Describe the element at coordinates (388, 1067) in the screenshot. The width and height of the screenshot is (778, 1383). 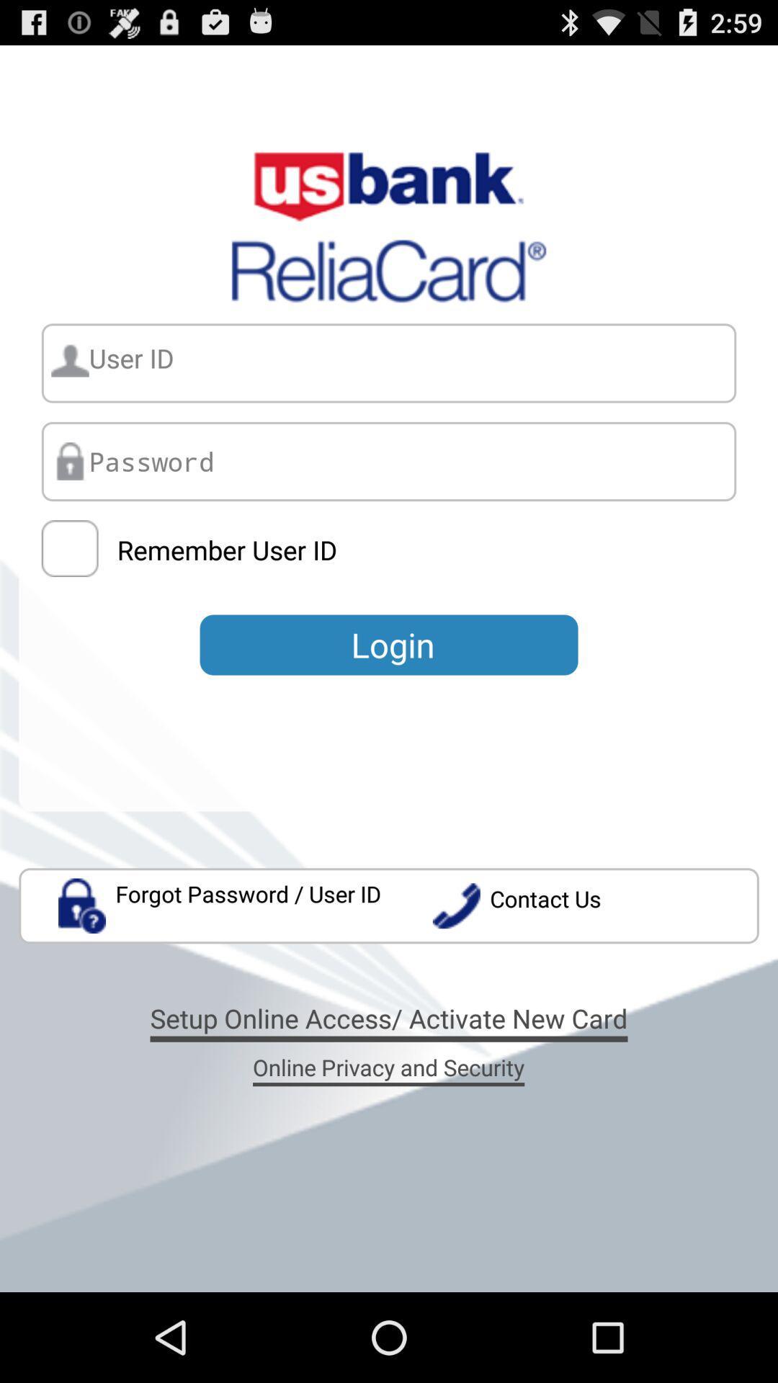
I see `the online privacy and app` at that location.